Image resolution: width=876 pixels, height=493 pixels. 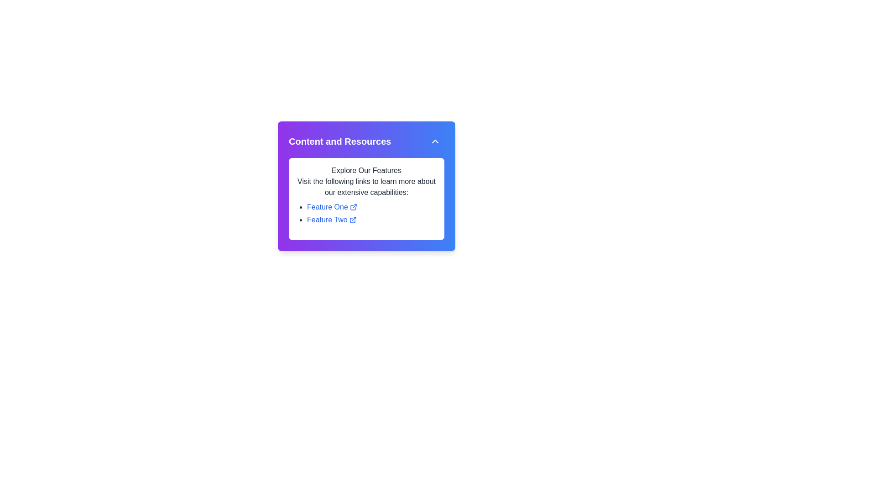 What do you see at coordinates (353, 207) in the screenshot?
I see `the External link indicator icon next to the link labeled 'Feature One'` at bounding box center [353, 207].